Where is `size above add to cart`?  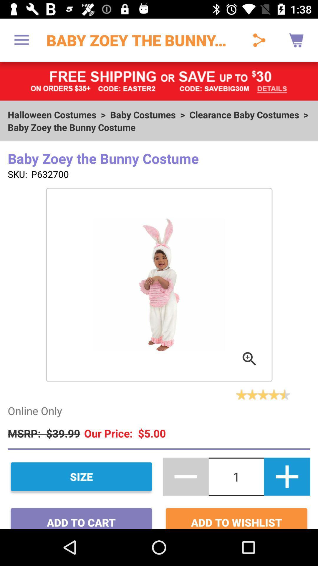 size above add to cart is located at coordinates (81, 477).